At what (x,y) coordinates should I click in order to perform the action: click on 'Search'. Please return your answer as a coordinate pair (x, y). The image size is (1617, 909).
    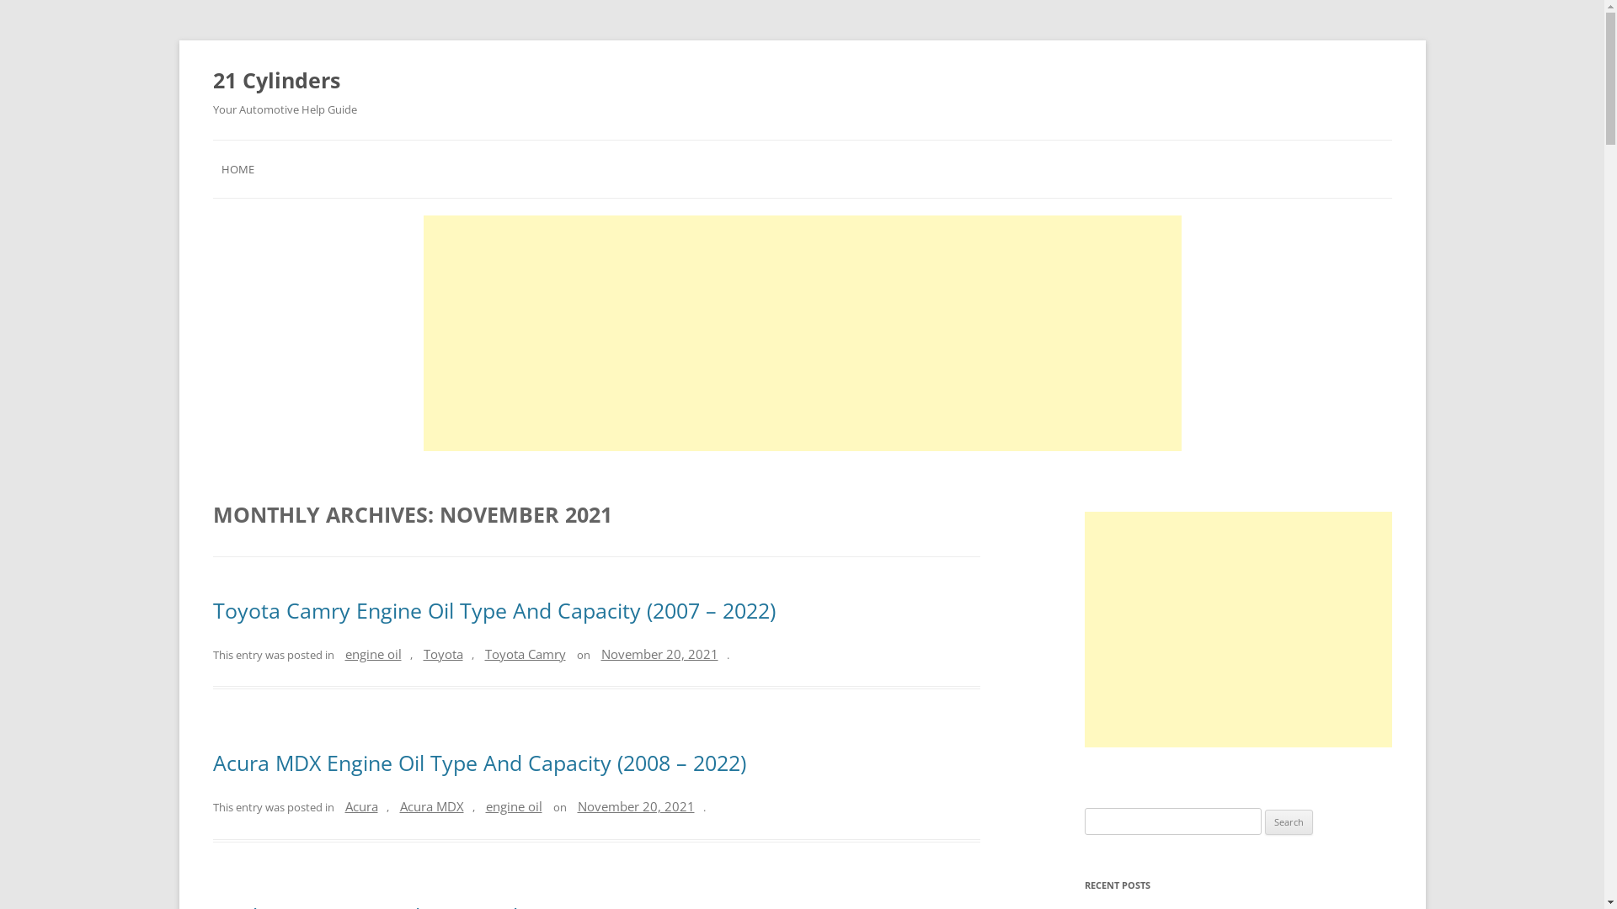
    Looking at the image, I should click on (1265, 821).